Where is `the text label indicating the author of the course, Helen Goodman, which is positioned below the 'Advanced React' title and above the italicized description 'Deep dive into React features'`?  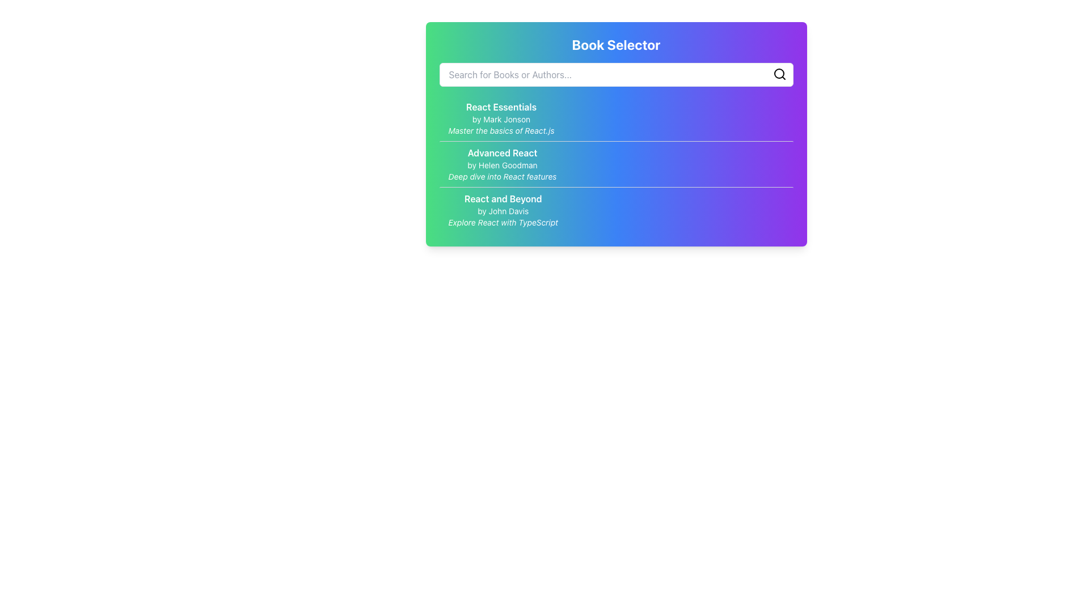 the text label indicating the author of the course, Helen Goodman, which is positioned below the 'Advanced React' title and above the italicized description 'Deep dive into React features' is located at coordinates (502, 165).